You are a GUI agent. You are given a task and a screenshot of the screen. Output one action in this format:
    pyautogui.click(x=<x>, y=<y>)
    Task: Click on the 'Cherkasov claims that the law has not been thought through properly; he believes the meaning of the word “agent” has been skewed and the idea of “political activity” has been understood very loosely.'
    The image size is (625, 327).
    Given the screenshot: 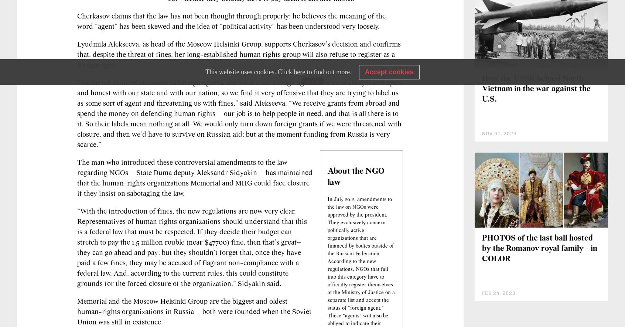 What is the action you would take?
    pyautogui.click(x=231, y=66)
    